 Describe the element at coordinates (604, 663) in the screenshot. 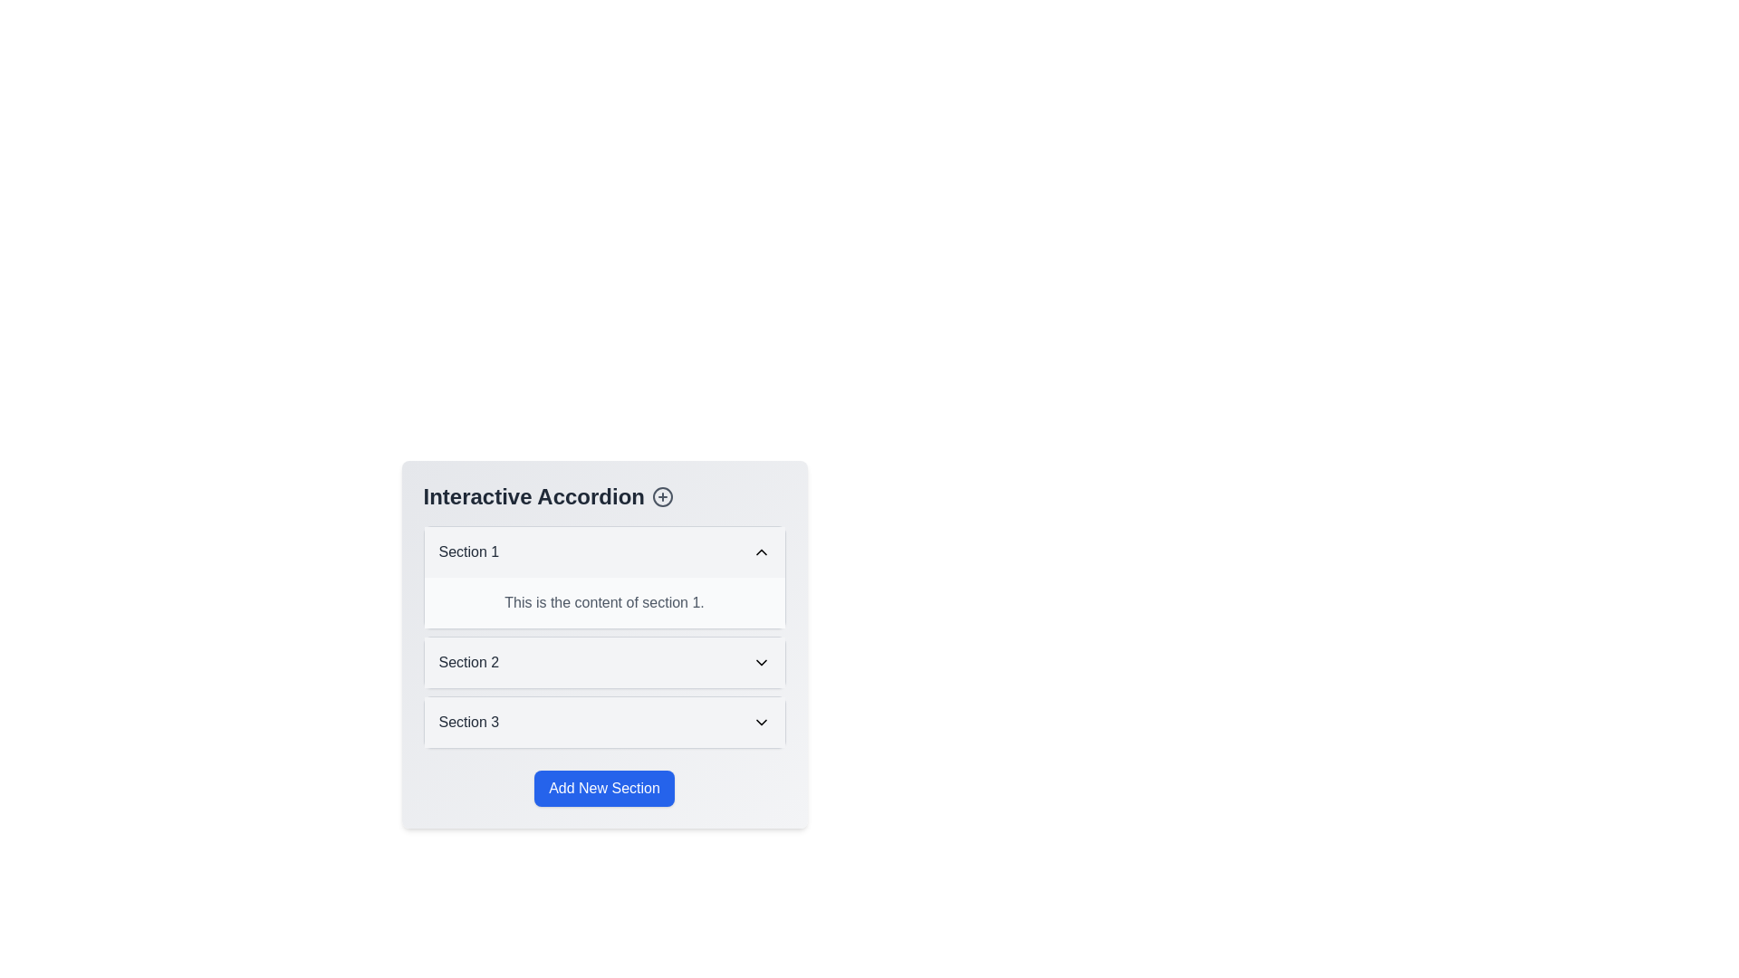

I see `the Accordion Section Header labeled 'Section 2' for accessibility interactions by moving the cursor to its center` at that location.